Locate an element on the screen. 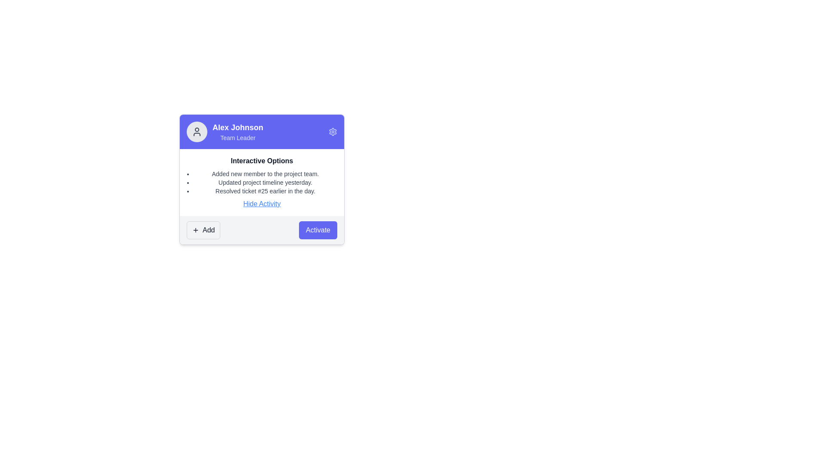 Image resolution: width=826 pixels, height=464 pixels. text element displaying 'Resolved ticket #25 earlier in the day.' which is the third item in the bulleted list of the 'Interactive Options' section is located at coordinates (265, 190).